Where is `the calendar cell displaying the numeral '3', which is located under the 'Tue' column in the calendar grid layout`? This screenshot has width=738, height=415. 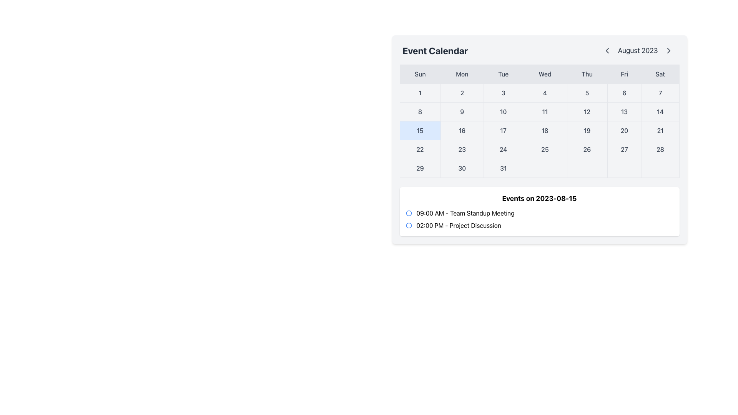
the calendar cell displaying the numeral '3', which is located under the 'Tue' column in the calendar grid layout is located at coordinates (503, 93).